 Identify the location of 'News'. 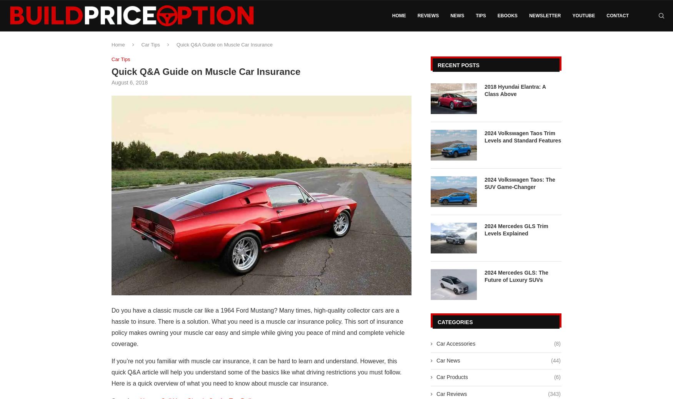
(457, 15).